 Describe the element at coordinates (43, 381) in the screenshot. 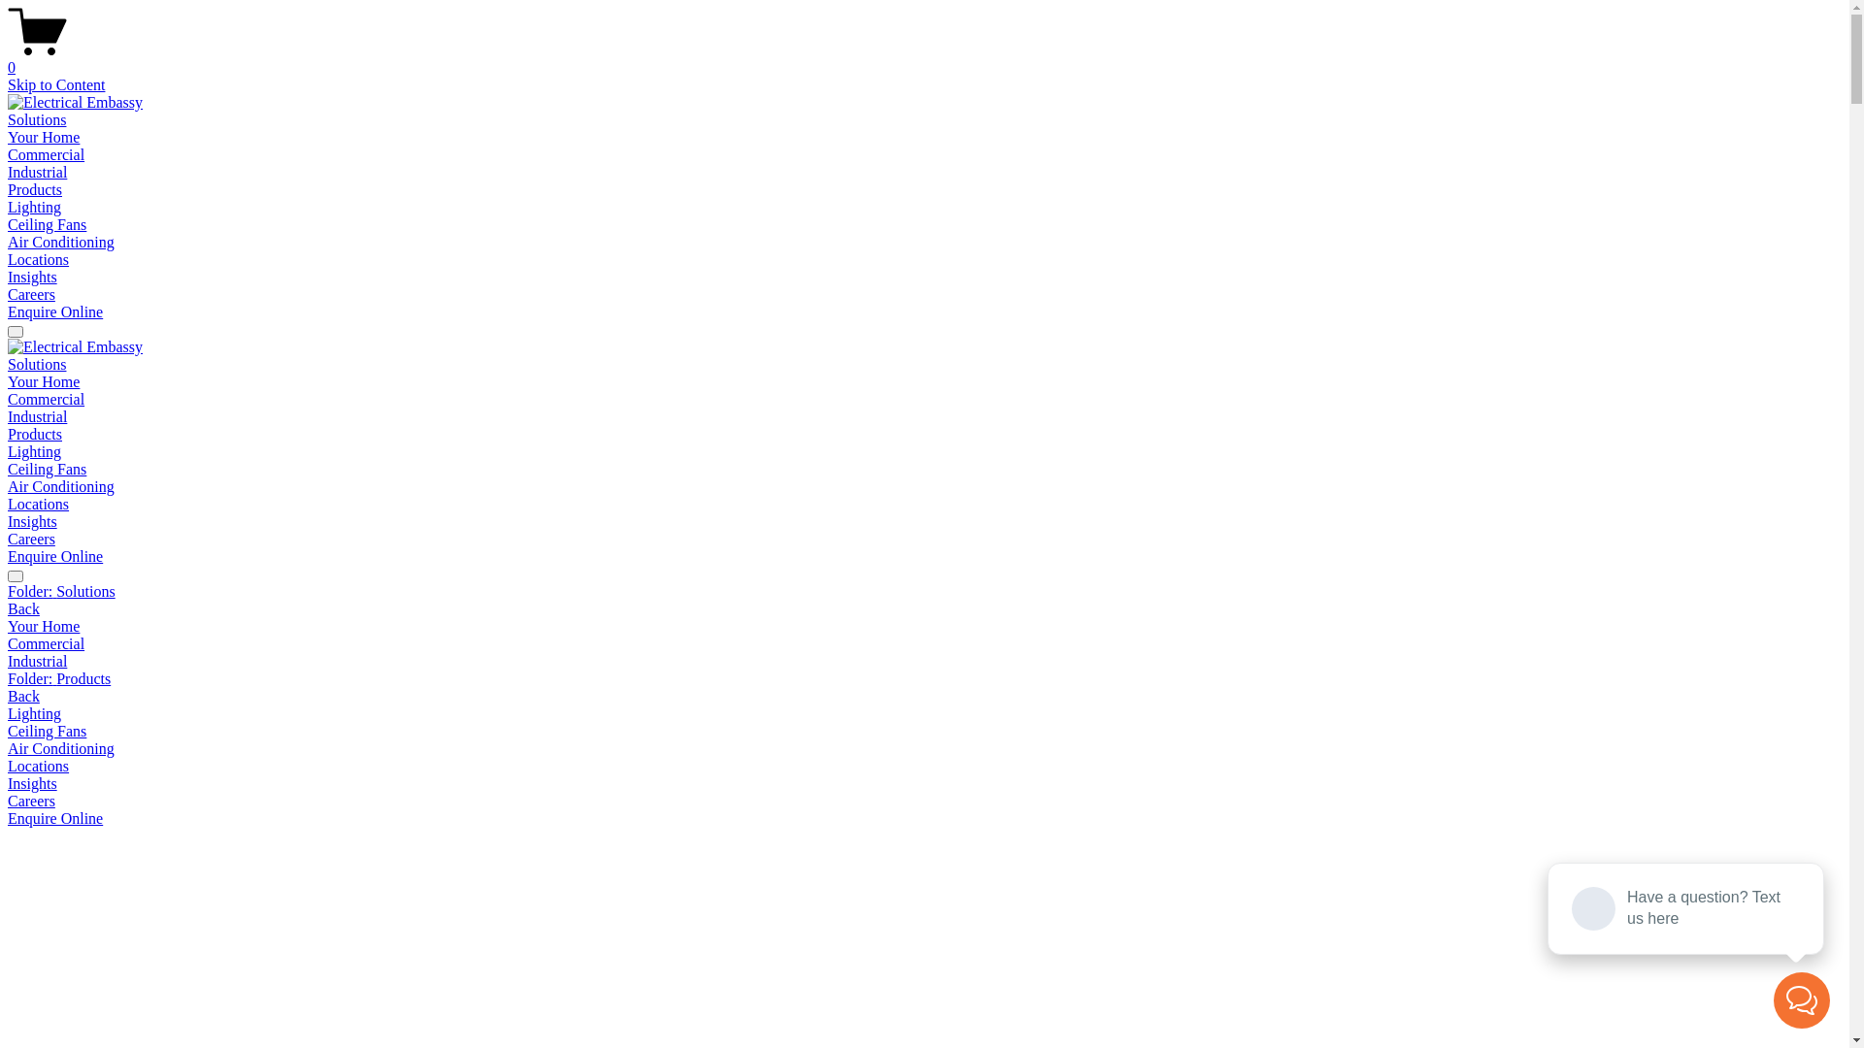

I see `'Your Home'` at that location.